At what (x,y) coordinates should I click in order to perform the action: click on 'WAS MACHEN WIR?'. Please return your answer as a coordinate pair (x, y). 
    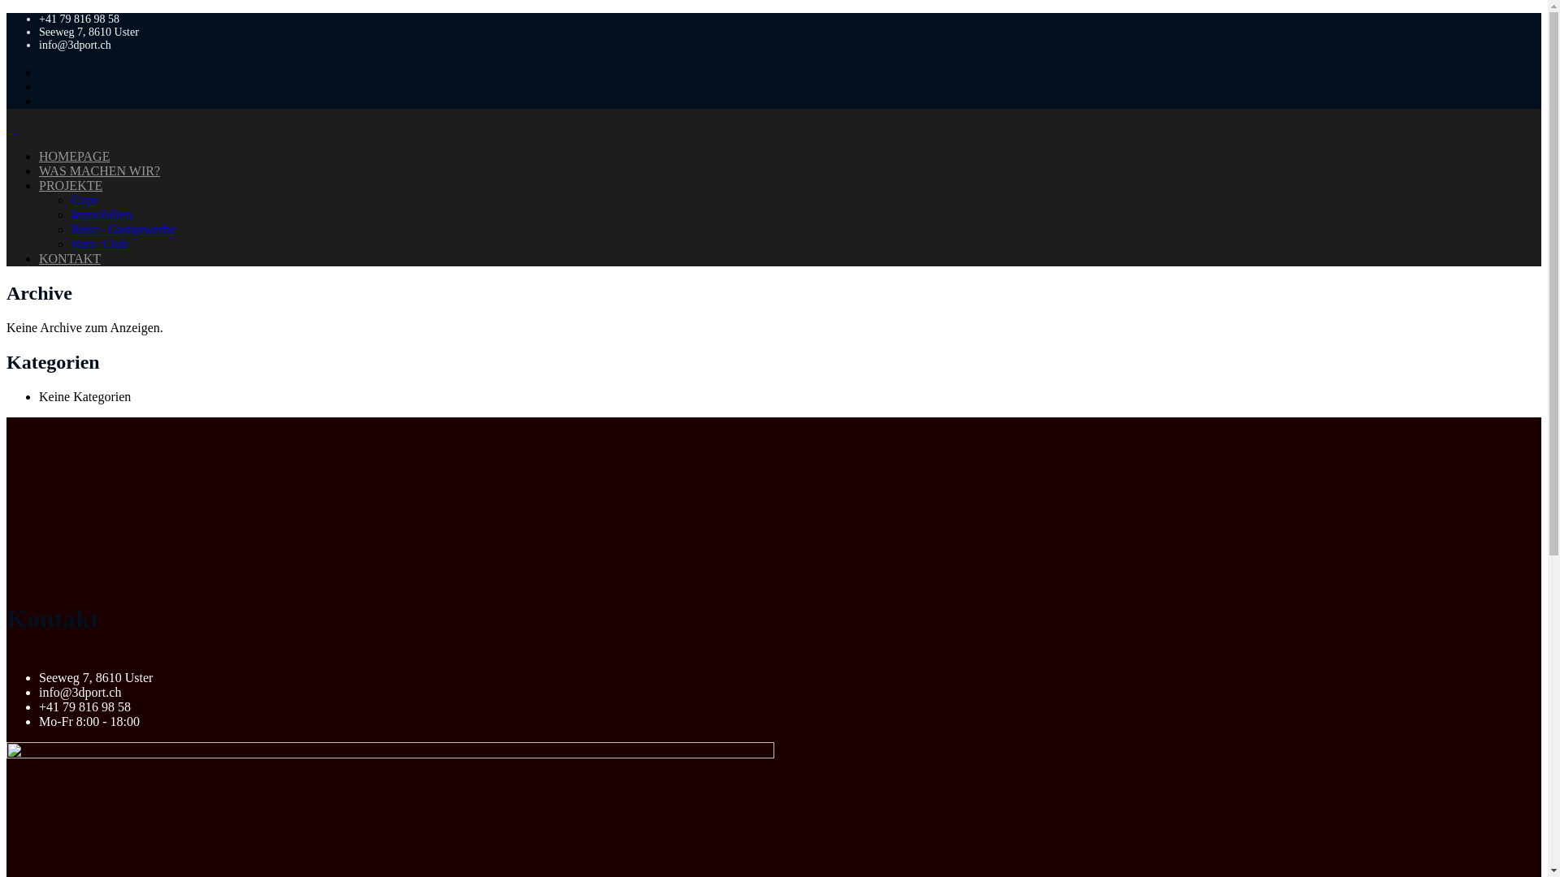
    Looking at the image, I should click on (39, 171).